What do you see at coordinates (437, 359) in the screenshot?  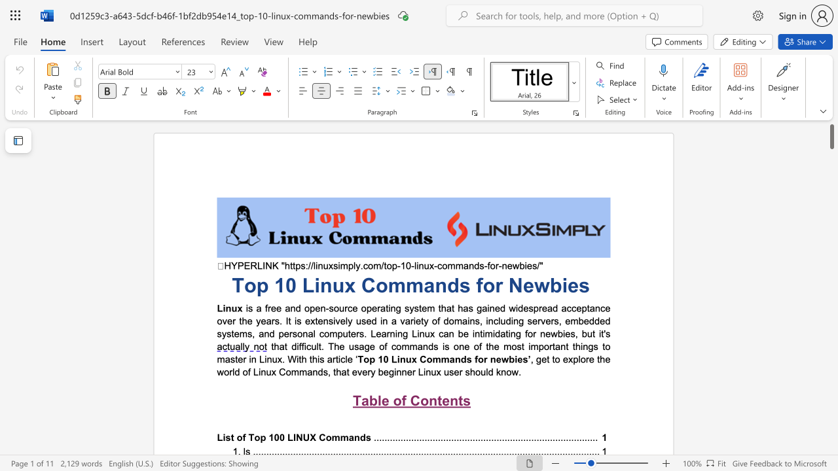 I see `the 1th character "m" in the text` at bounding box center [437, 359].